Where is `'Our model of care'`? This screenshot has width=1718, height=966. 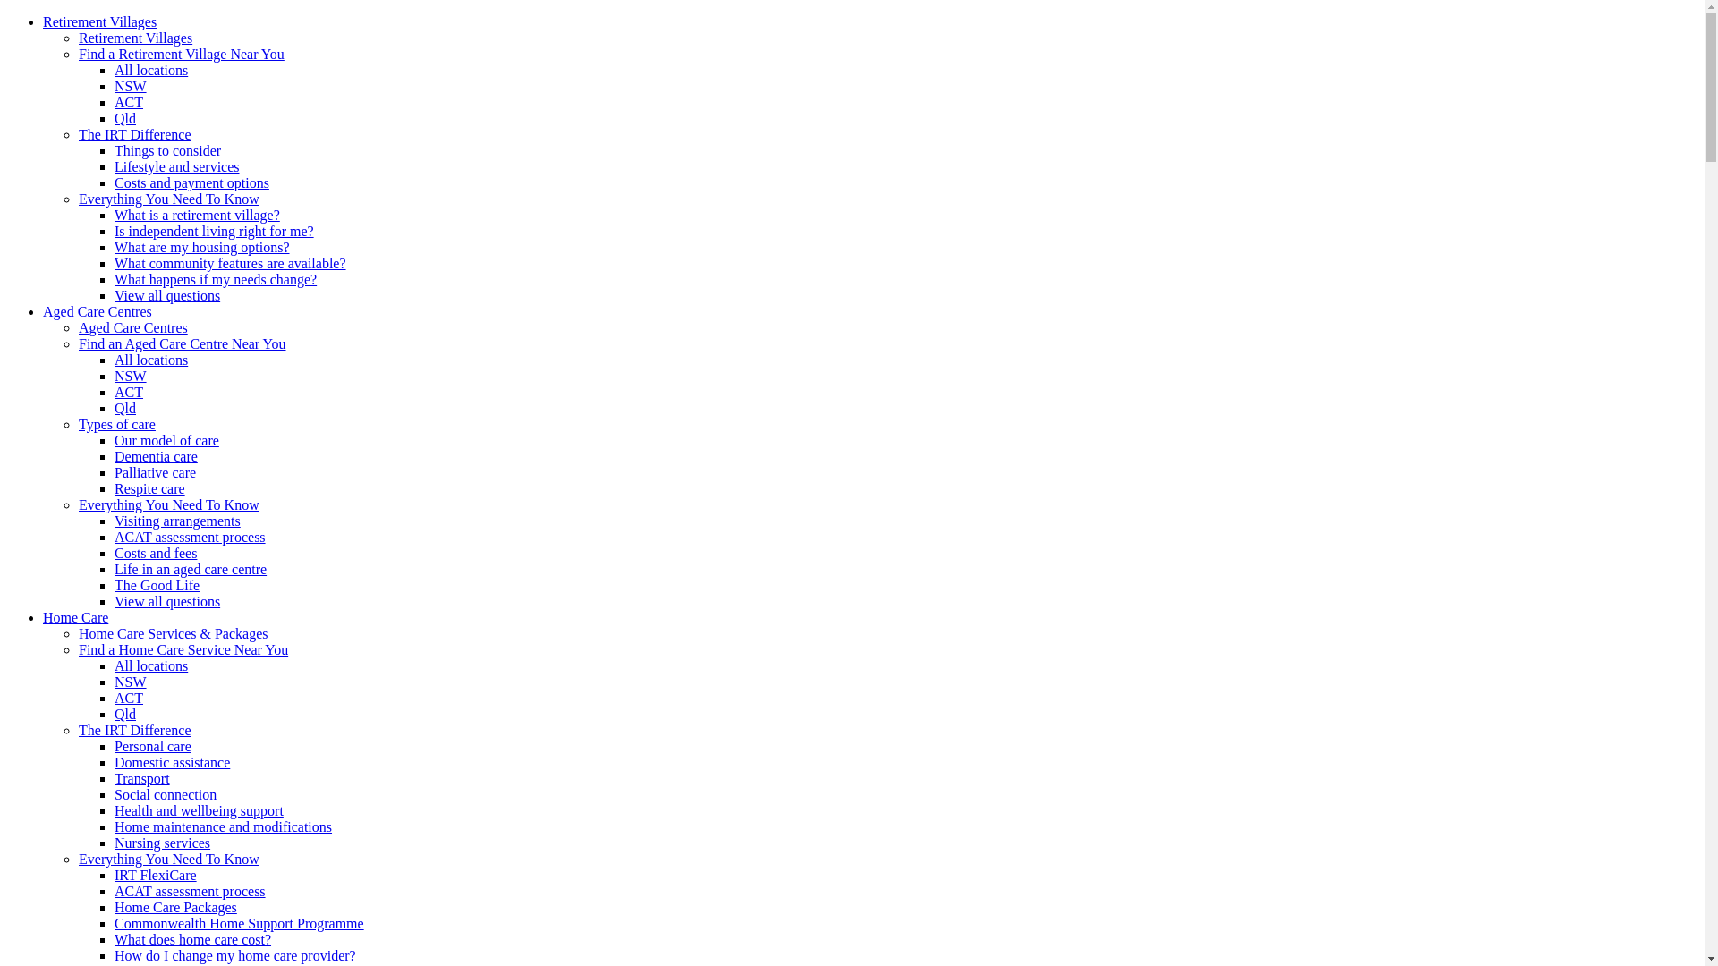 'Our model of care' is located at coordinates (166, 440).